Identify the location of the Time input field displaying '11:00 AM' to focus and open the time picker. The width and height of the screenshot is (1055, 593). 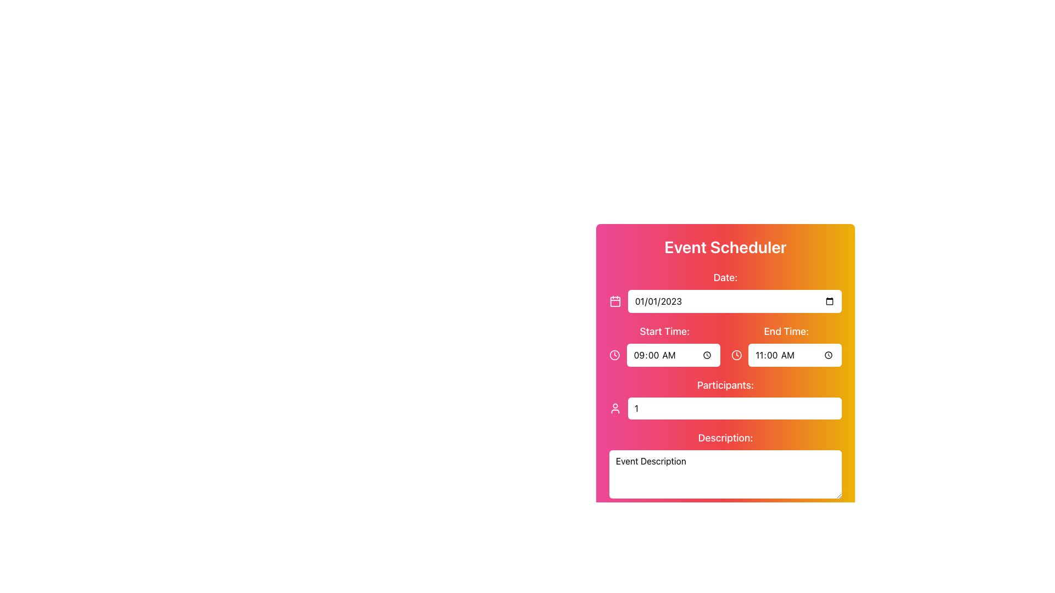
(795, 355).